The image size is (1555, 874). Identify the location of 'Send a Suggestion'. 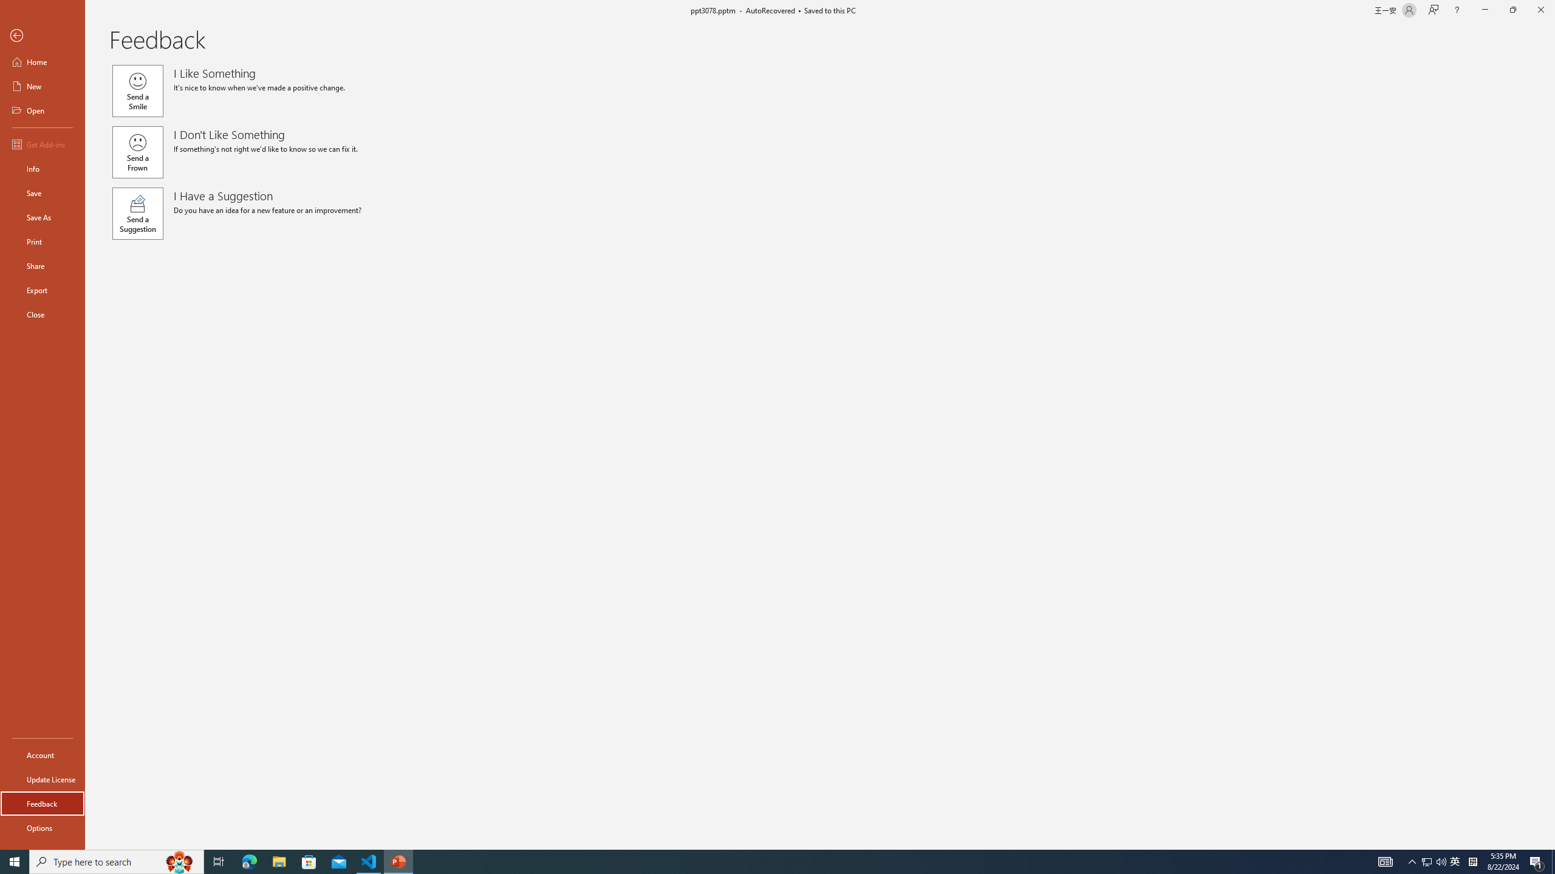
(137, 214).